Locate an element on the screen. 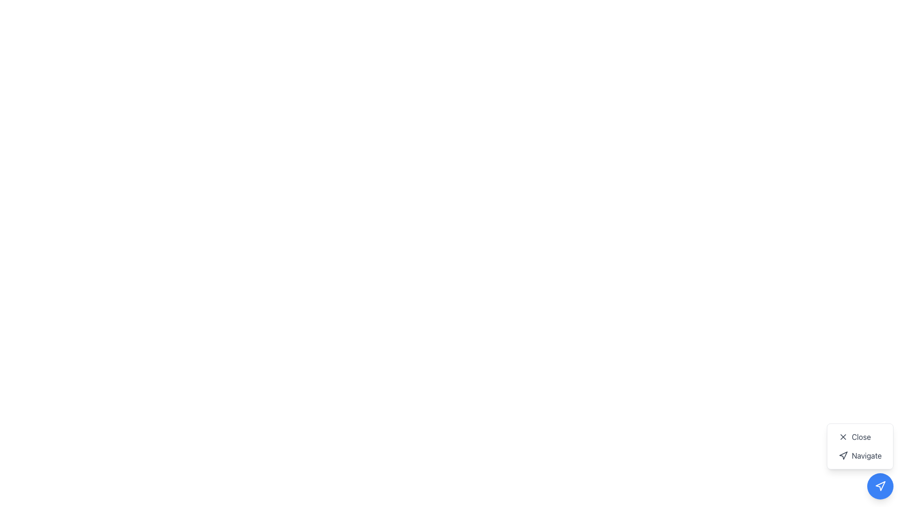 The height and width of the screenshot is (507, 901). the small 'X' icon next to the 'Close' label is located at coordinates (843, 437).